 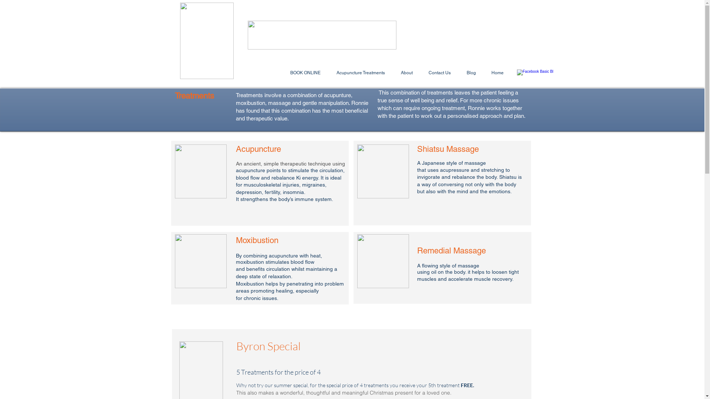 What do you see at coordinates (305, 73) in the screenshot?
I see `'BOOK ONLINE'` at bounding box center [305, 73].